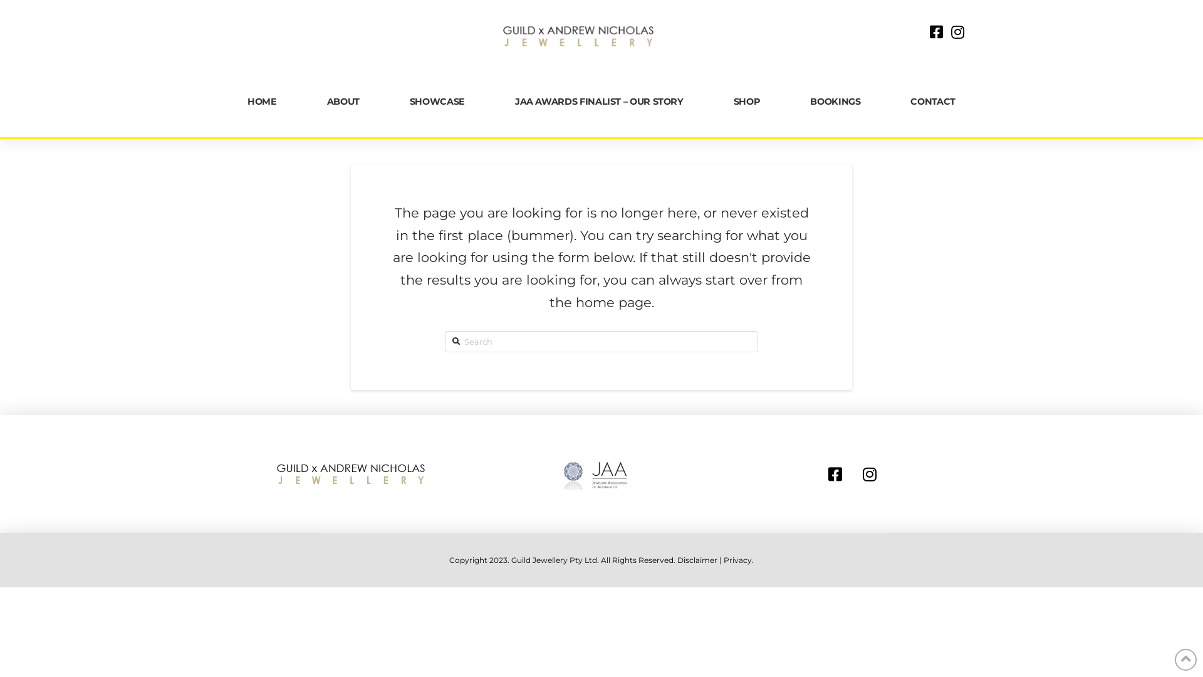 The width and height of the screenshot is (1203, 677). What do you see at coordinates (737, 559) in the screenshot?
I see `'Privacy'` at bounding box center [737, 559].